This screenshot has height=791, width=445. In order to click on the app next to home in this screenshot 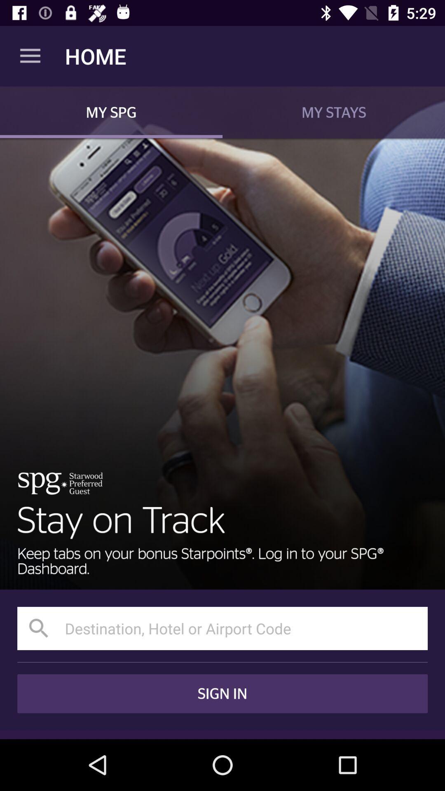, I will do `click(30, 56)`.